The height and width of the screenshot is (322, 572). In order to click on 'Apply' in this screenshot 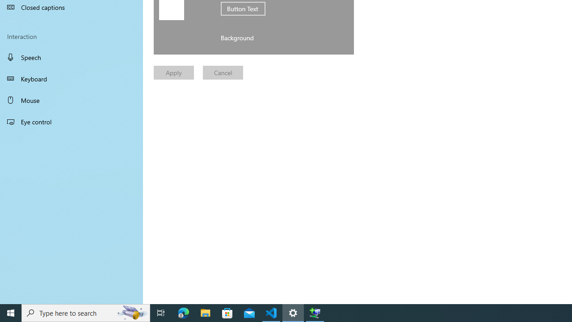, I will do `click(174, 72)`.